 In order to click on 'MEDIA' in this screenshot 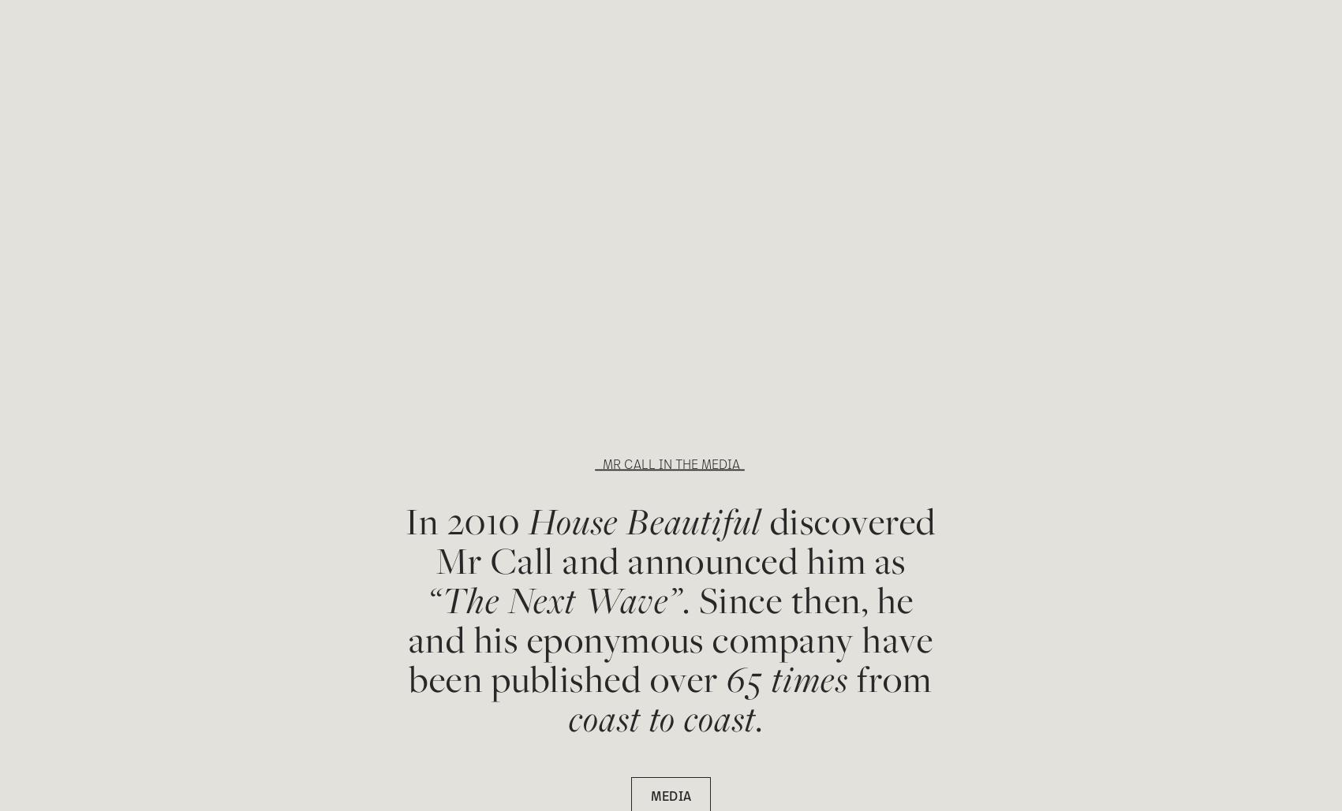, I will do `click(670, 794)`.